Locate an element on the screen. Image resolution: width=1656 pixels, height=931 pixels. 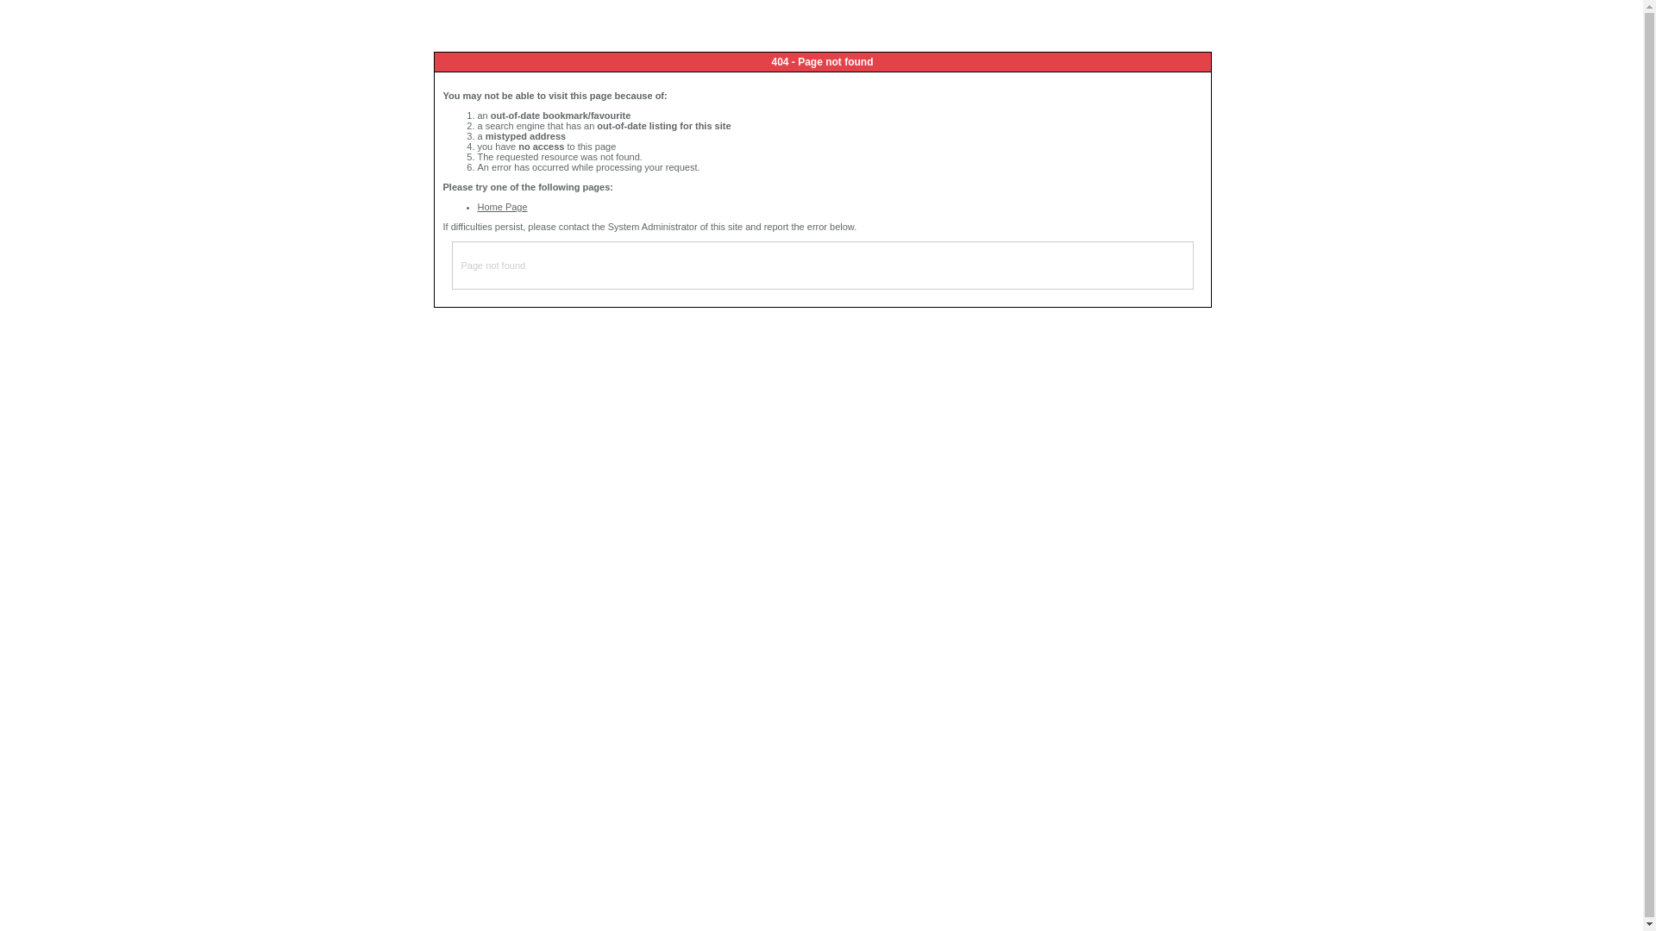
'Home Page' is located at coordinates (501, 205).